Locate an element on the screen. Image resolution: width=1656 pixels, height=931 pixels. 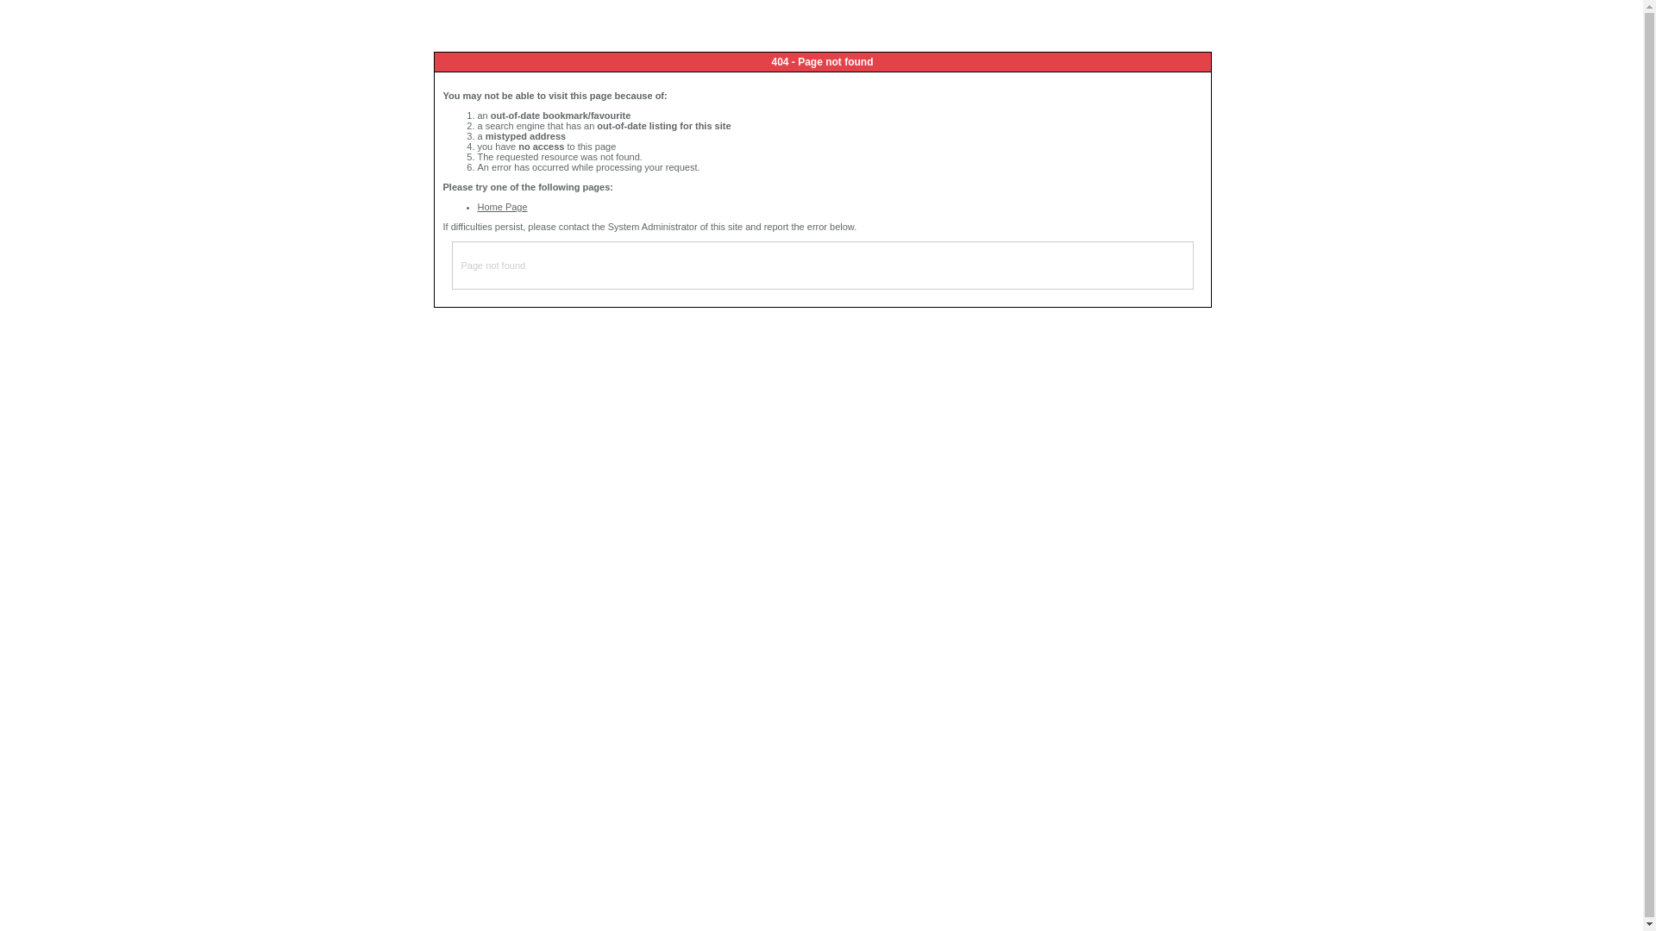
'Home Page' is located at coordinates (501, 205).